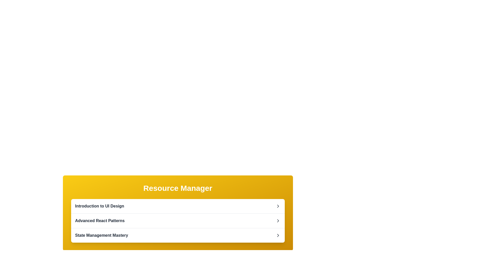 The image size is (493, 277). Describe the element at coordinates (178, 206) in the screenshot. I see `the 'Introduction to UI Design' button, which is the first item in the list below 'Resource Manager'` at that location.